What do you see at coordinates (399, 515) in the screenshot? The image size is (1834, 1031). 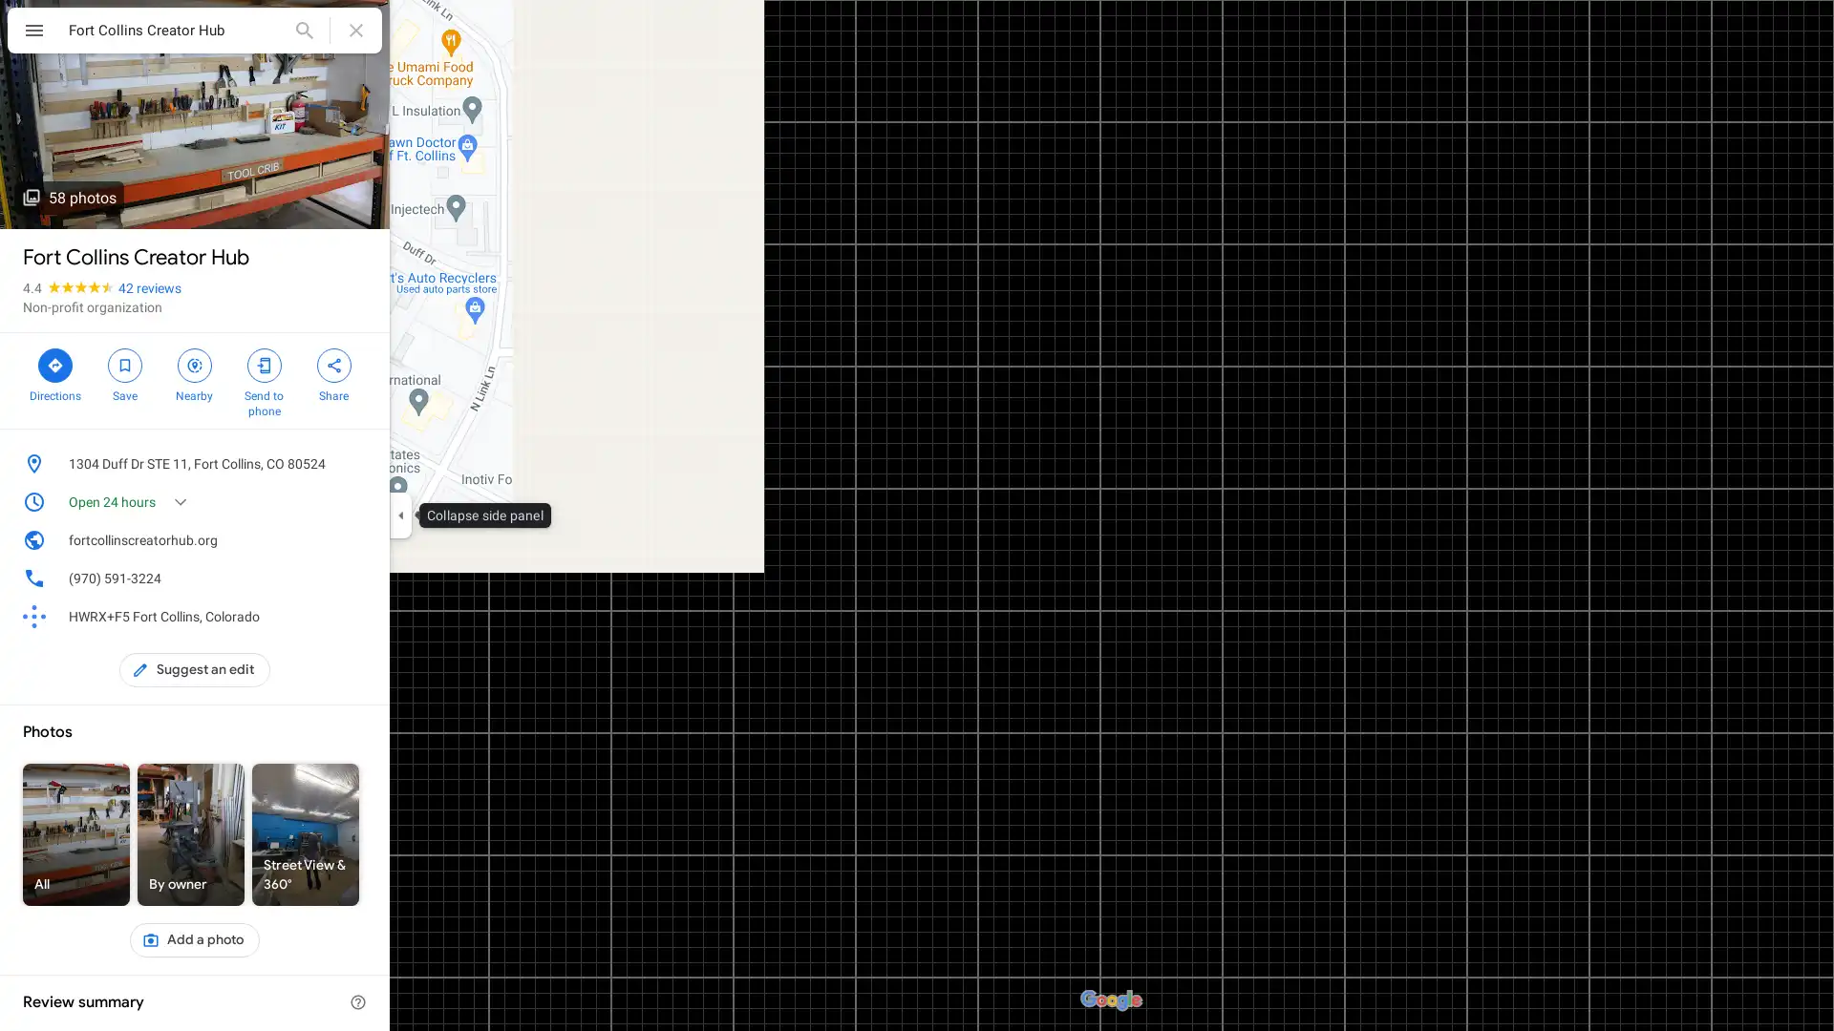 I see `Collapse side panel` at bounding box center [399, 515].